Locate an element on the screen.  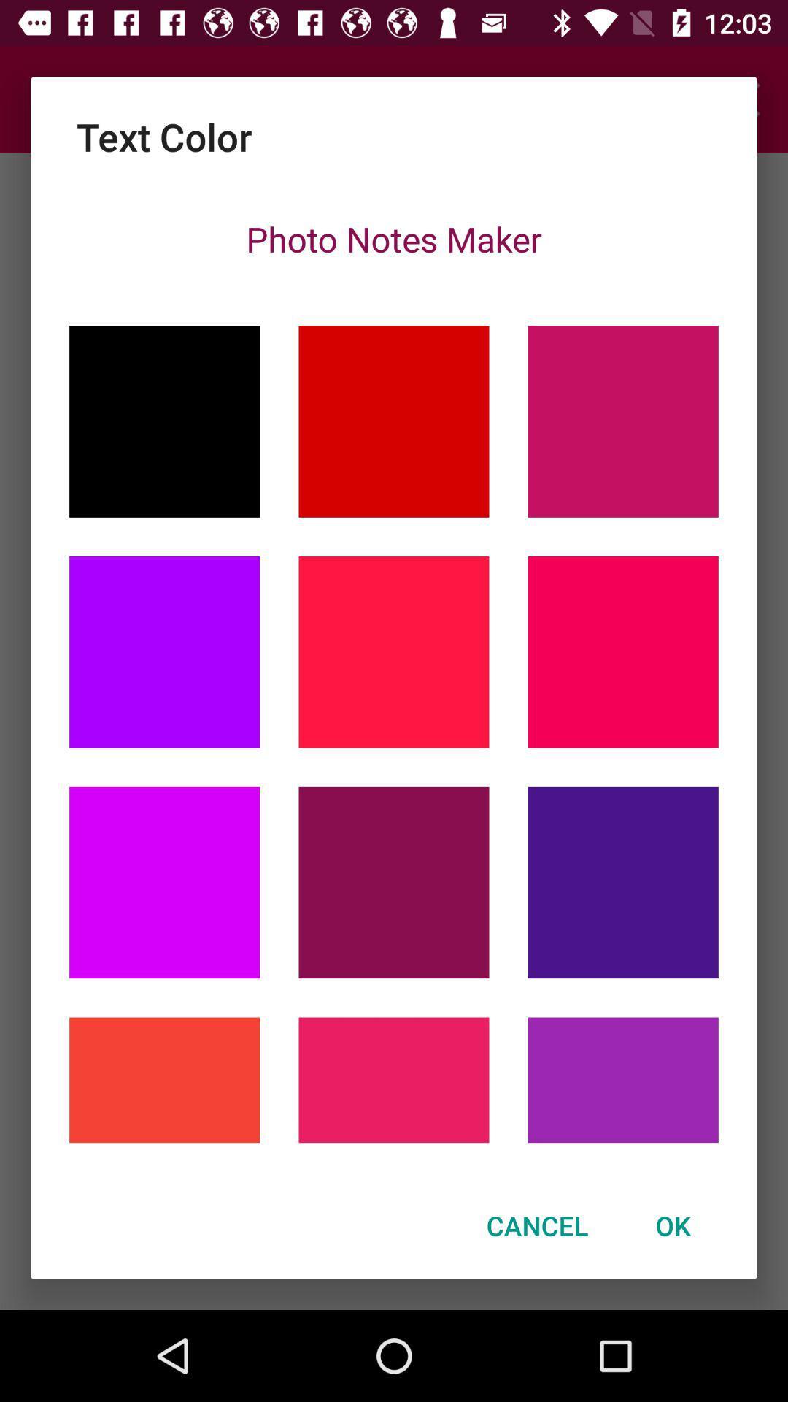
the icon next to cancel is located at coordinates (673, 1225).